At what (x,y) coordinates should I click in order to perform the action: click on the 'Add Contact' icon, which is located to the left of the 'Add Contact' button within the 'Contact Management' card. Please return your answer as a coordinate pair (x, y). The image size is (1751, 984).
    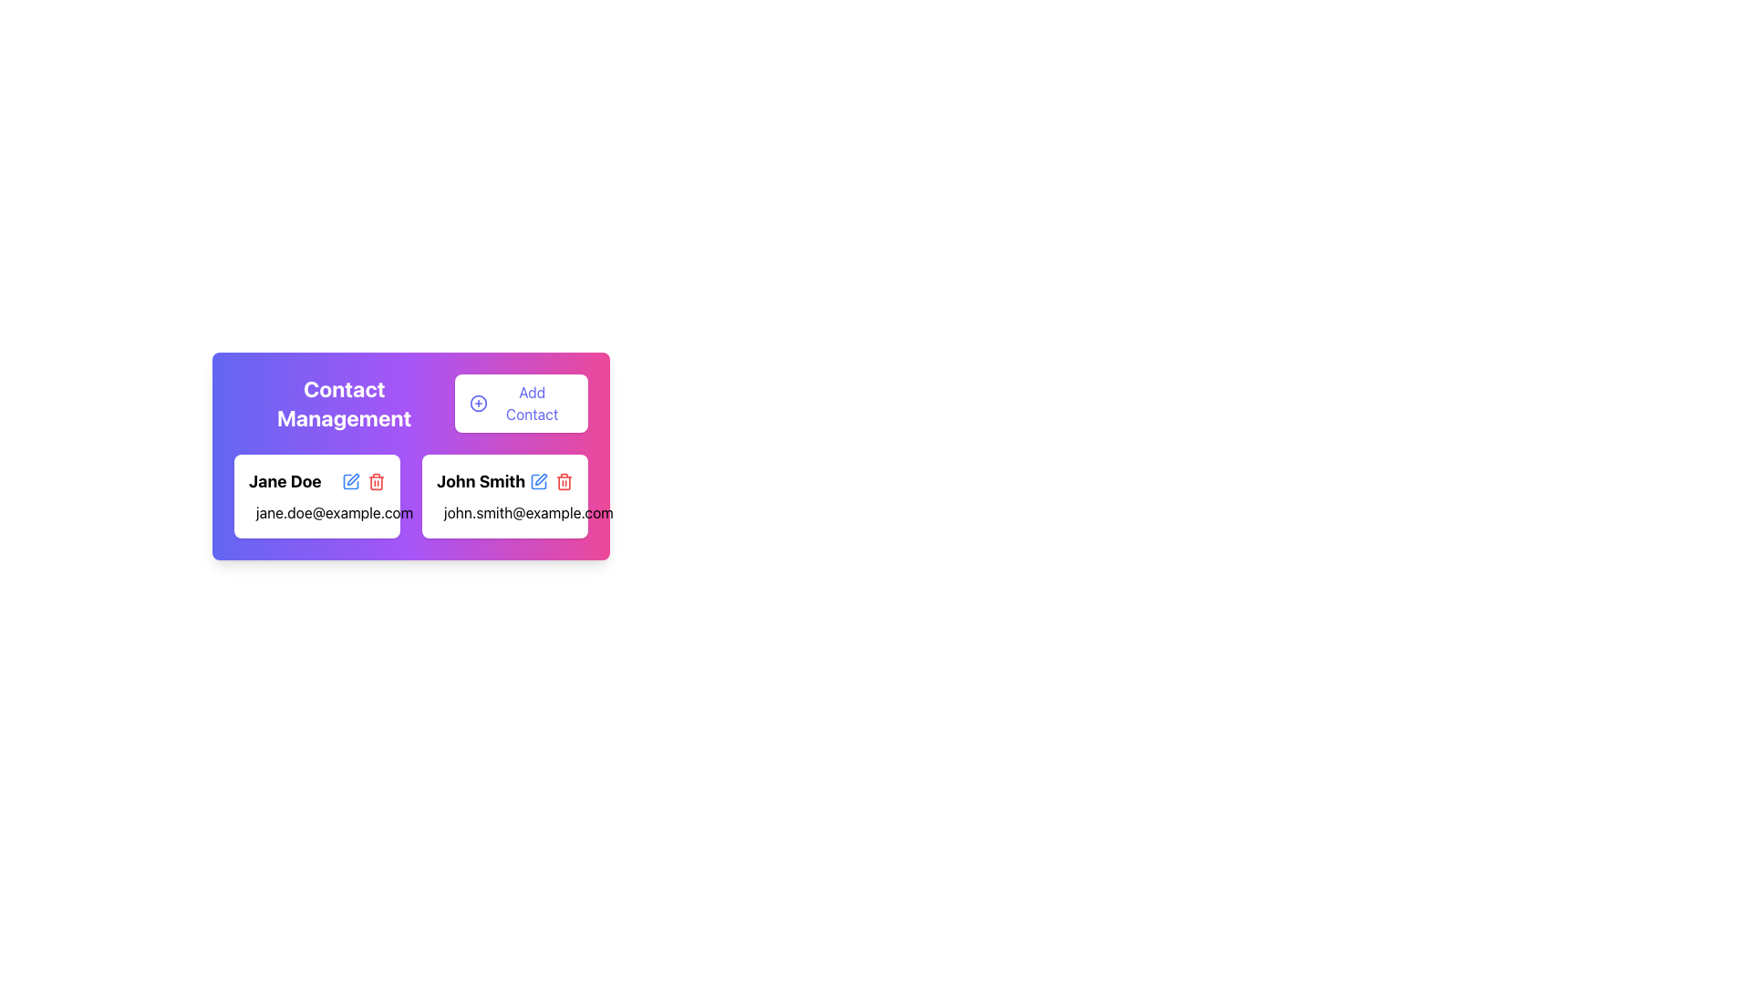
    Looking at the image, I should click on (478, 403).